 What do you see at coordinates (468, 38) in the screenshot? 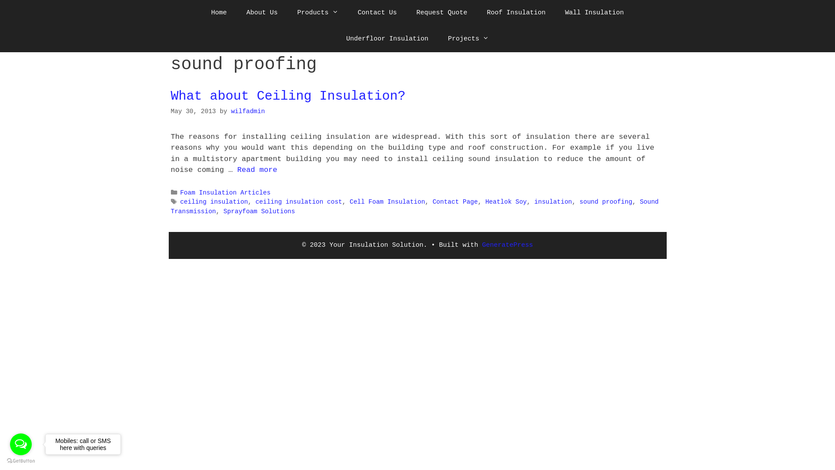
I see `'Projects'` at bounding box center [468, 38].